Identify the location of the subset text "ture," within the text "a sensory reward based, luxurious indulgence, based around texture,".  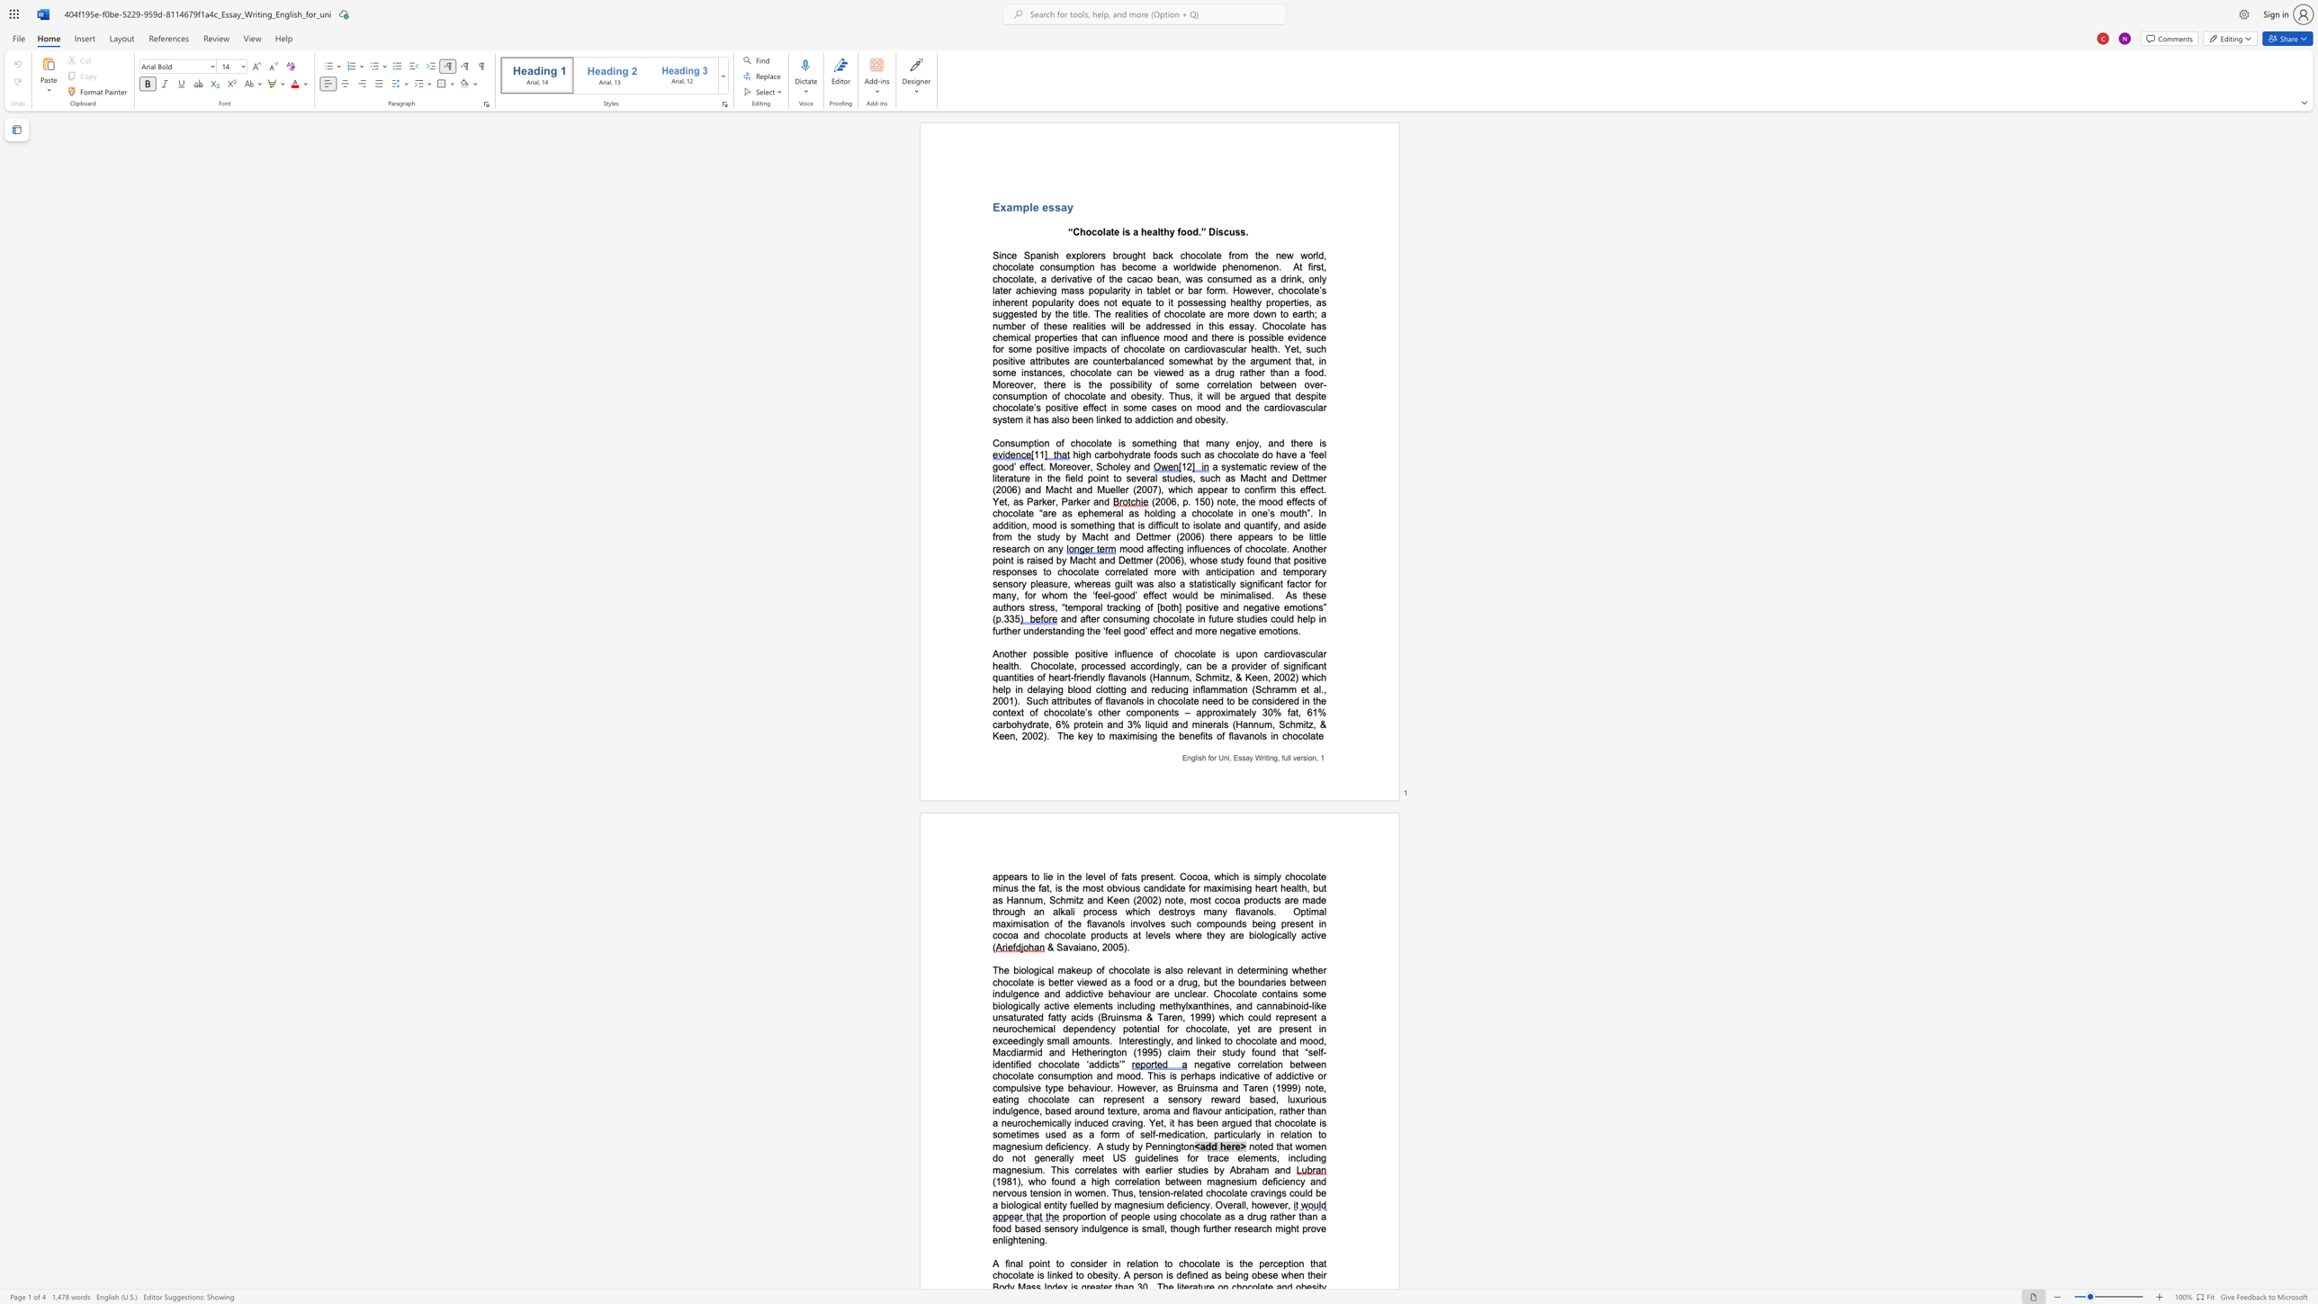
(1119, 1111).